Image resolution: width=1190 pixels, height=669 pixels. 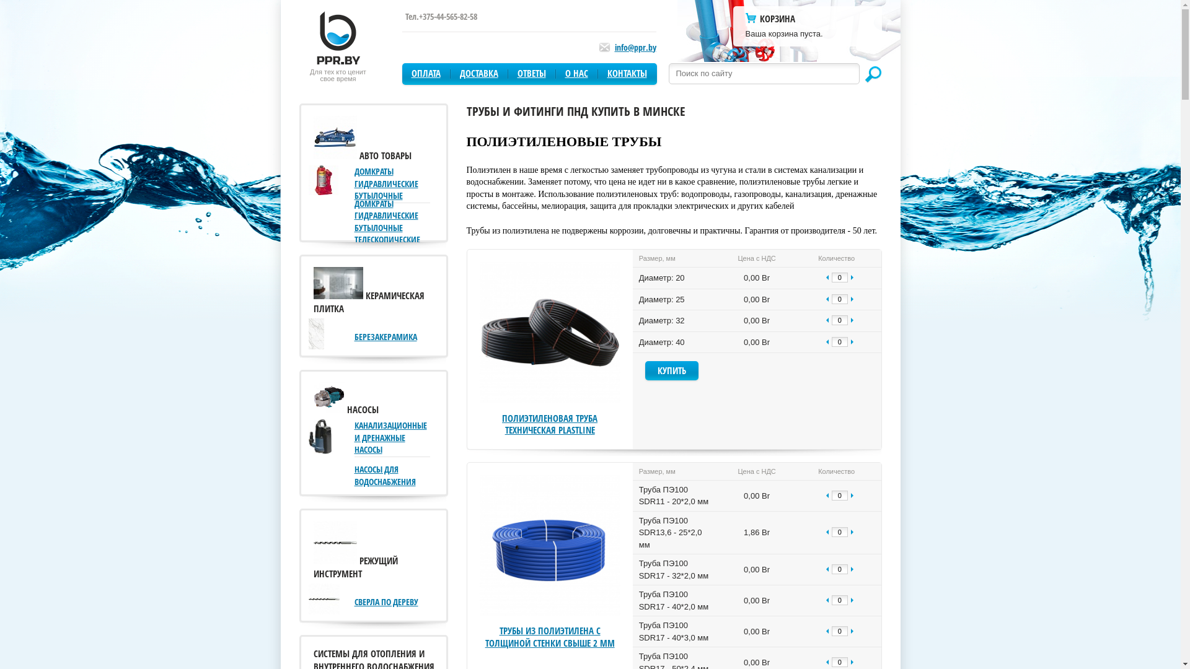 I want to click on '+', so click(x=851, y=532).